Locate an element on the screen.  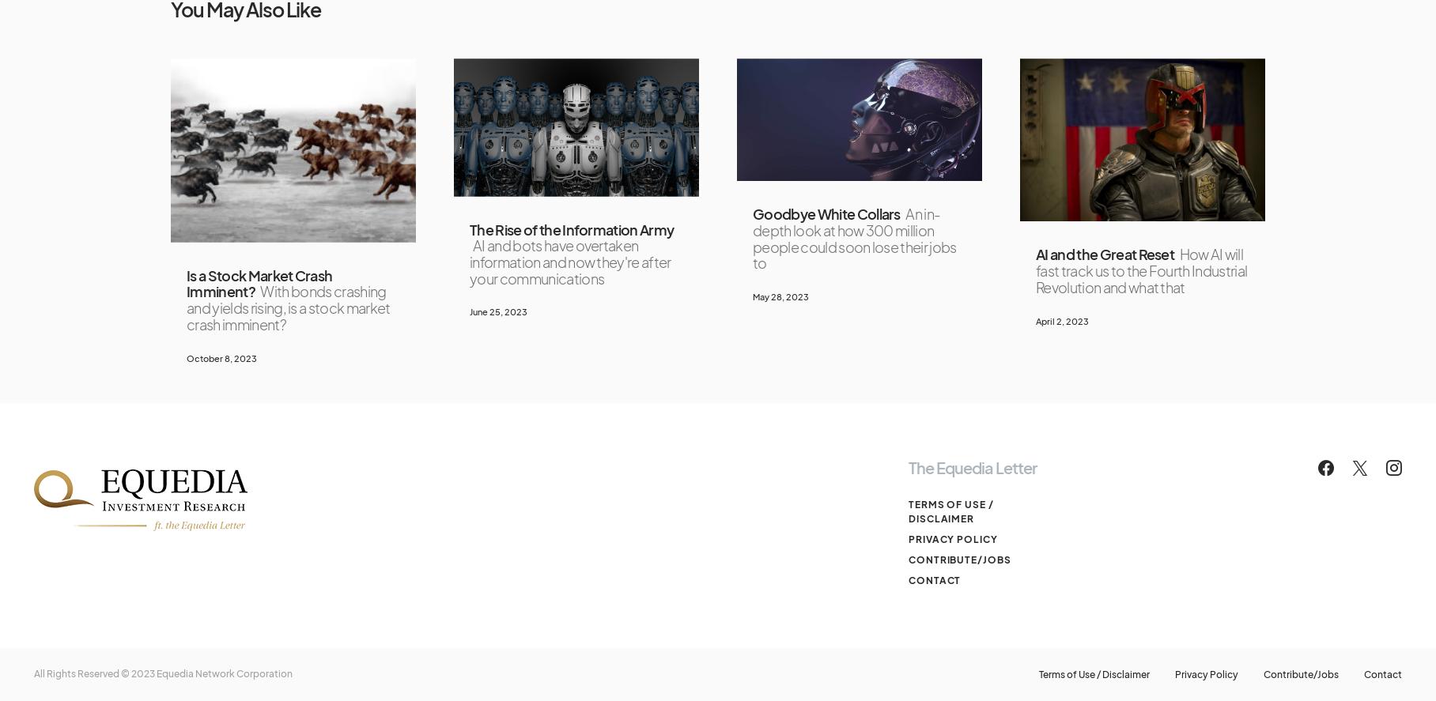
'AI and the Great Reset' is located at coordinates (1105, 254).